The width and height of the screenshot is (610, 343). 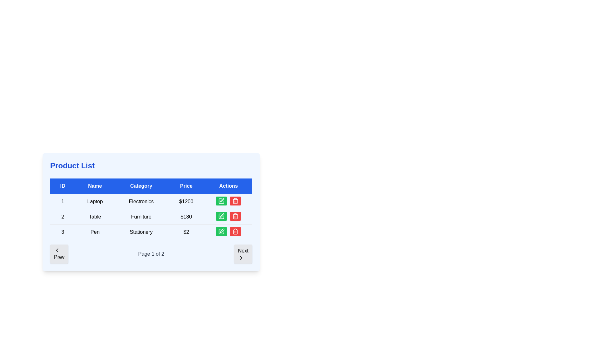 What do you see at coordinates (222, 215) in the screenshot?
I see `the edit icon, which is a small pen-shaped icon located inside the green button in the Actions column of the second row in the 'Product List' table` at bounding box center [222, 215].